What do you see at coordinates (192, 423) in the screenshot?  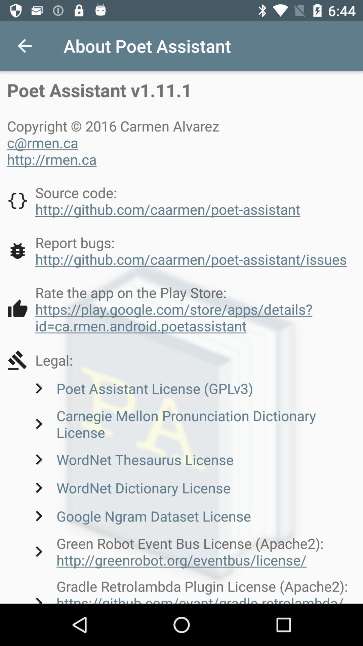 I see `icon above the wordnet thesaurus license item` at bounding box center [192, 423].